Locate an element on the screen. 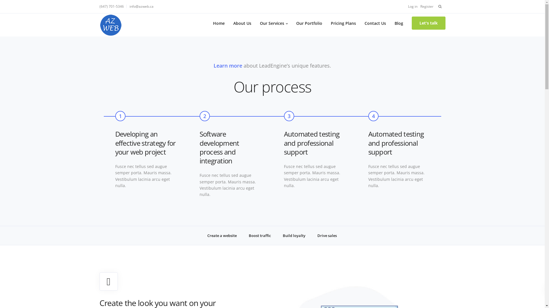 The width and height of the screenshot is (549, 308). '(647) 701-5346' is located at coordinates (99, 6).